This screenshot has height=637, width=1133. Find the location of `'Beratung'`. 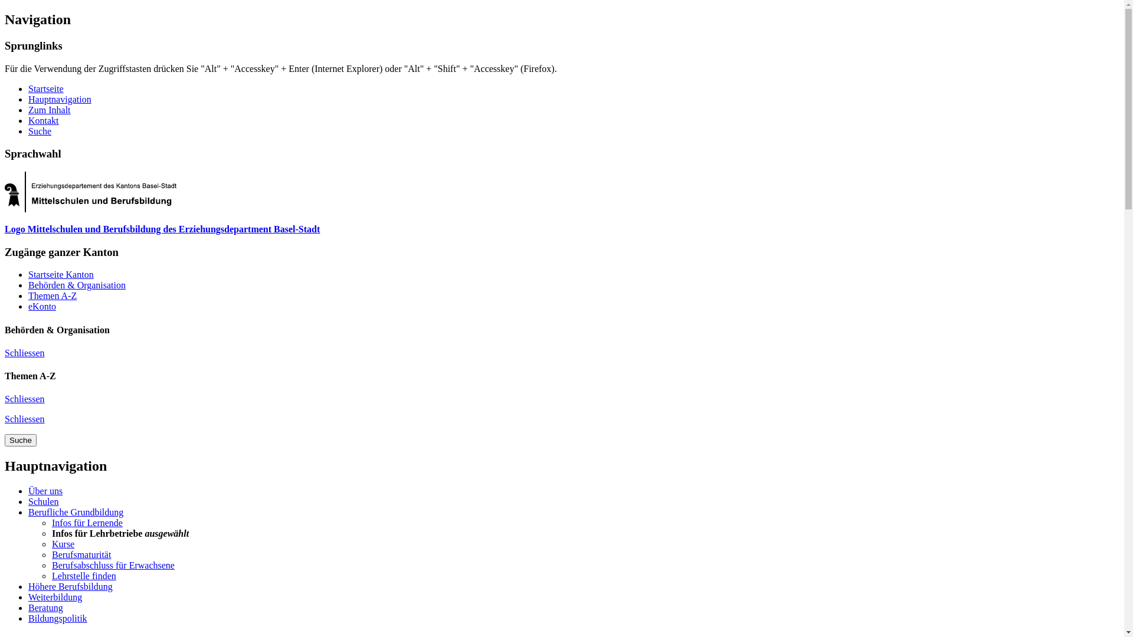

'Beratung' is located at coordinates (45, 608).